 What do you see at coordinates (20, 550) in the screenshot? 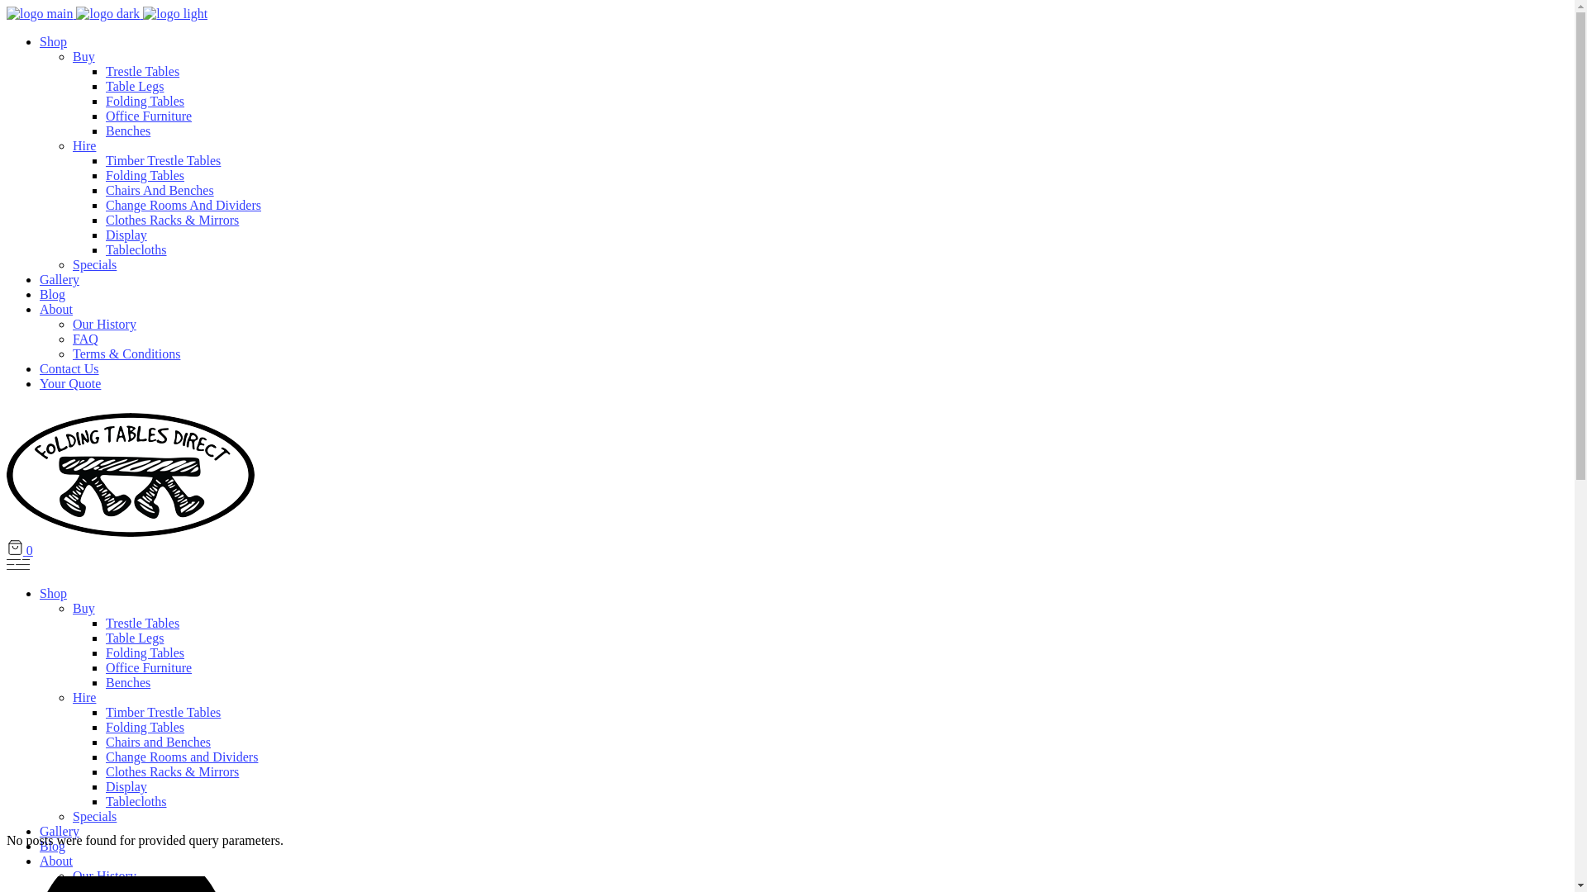
I see `'0'` at bounding box center [20, 550].